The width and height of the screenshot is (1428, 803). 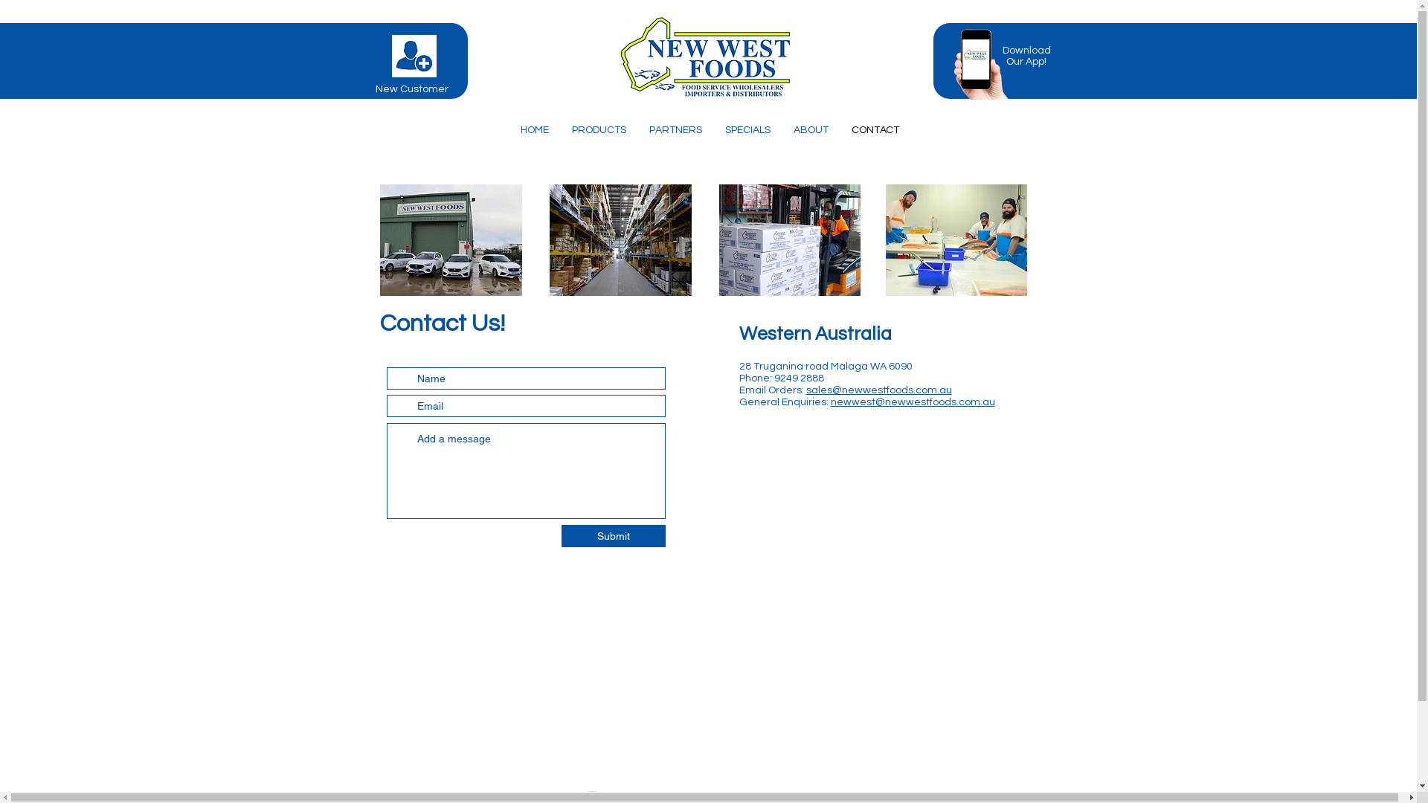 I want to click on 'HOME', so click(x=534, y=129).